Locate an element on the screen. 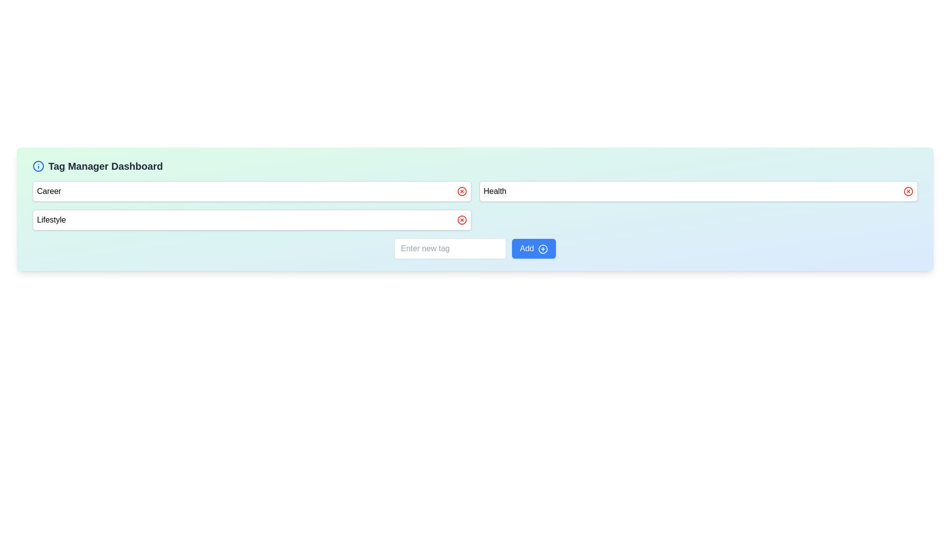 This screenshot has height=533, width=948. the 'Health' static text label, which is styled with a standard font and located at the top center of the interface is located at coordinates (495, 191).